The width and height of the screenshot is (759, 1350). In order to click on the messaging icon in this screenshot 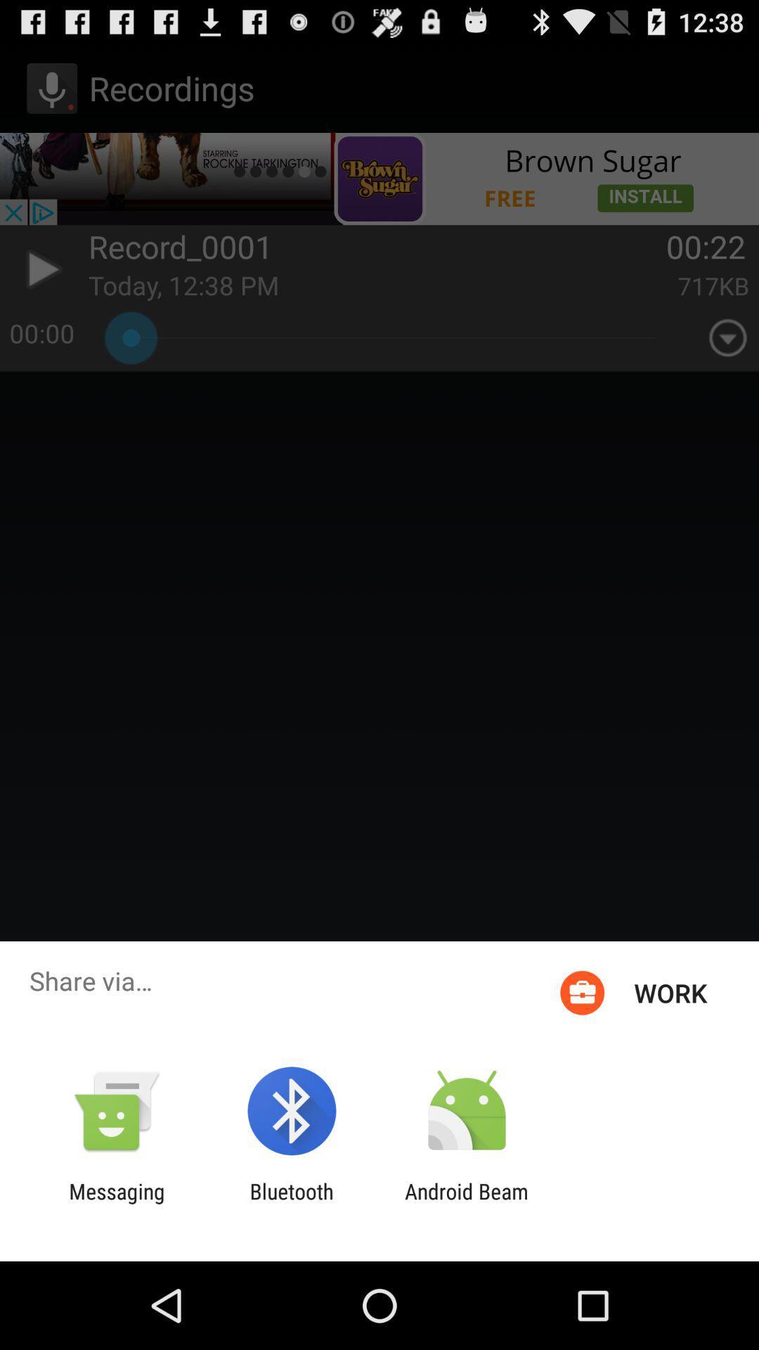, I will do `click(116, 1203)`.